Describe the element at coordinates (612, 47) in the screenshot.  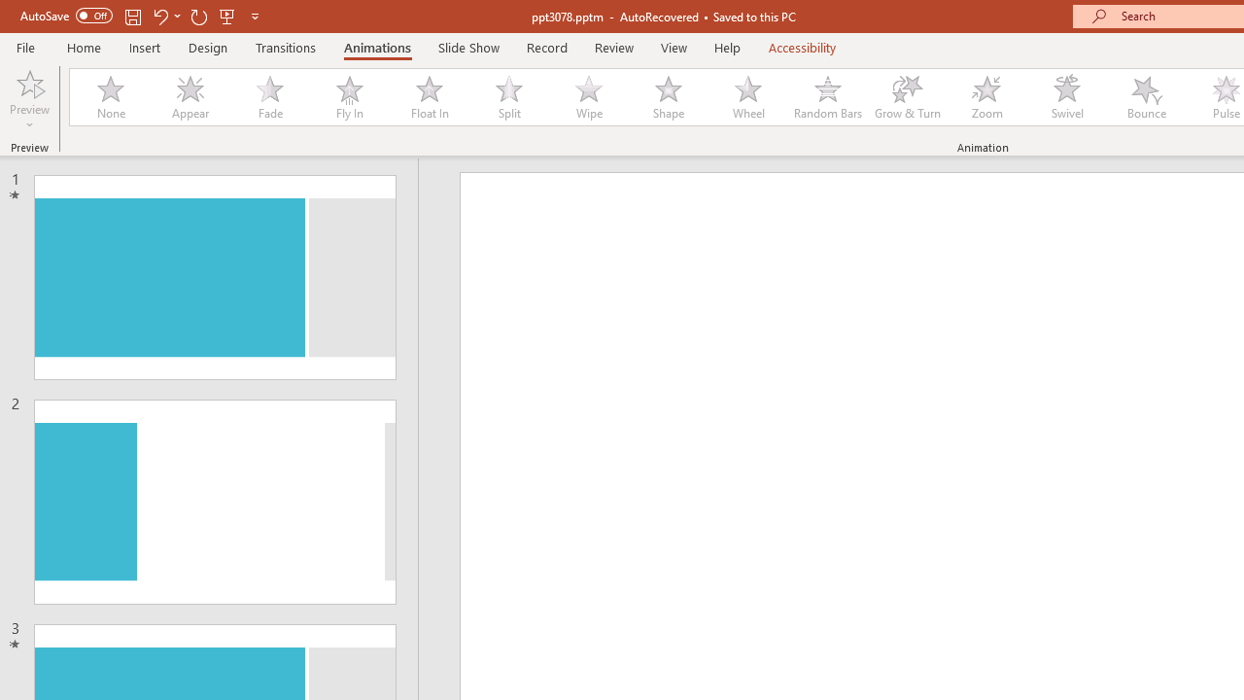
I see `'Review'` at that location.